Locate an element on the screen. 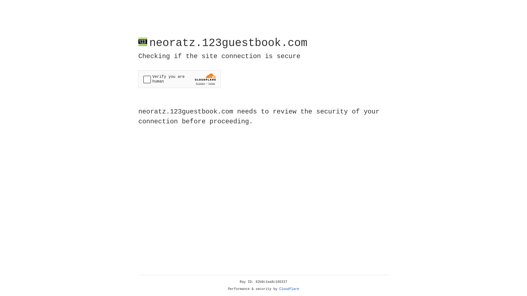 This screenshot has height=296, width=527. 'Cloudflare' is located at coordinates (289, 289).